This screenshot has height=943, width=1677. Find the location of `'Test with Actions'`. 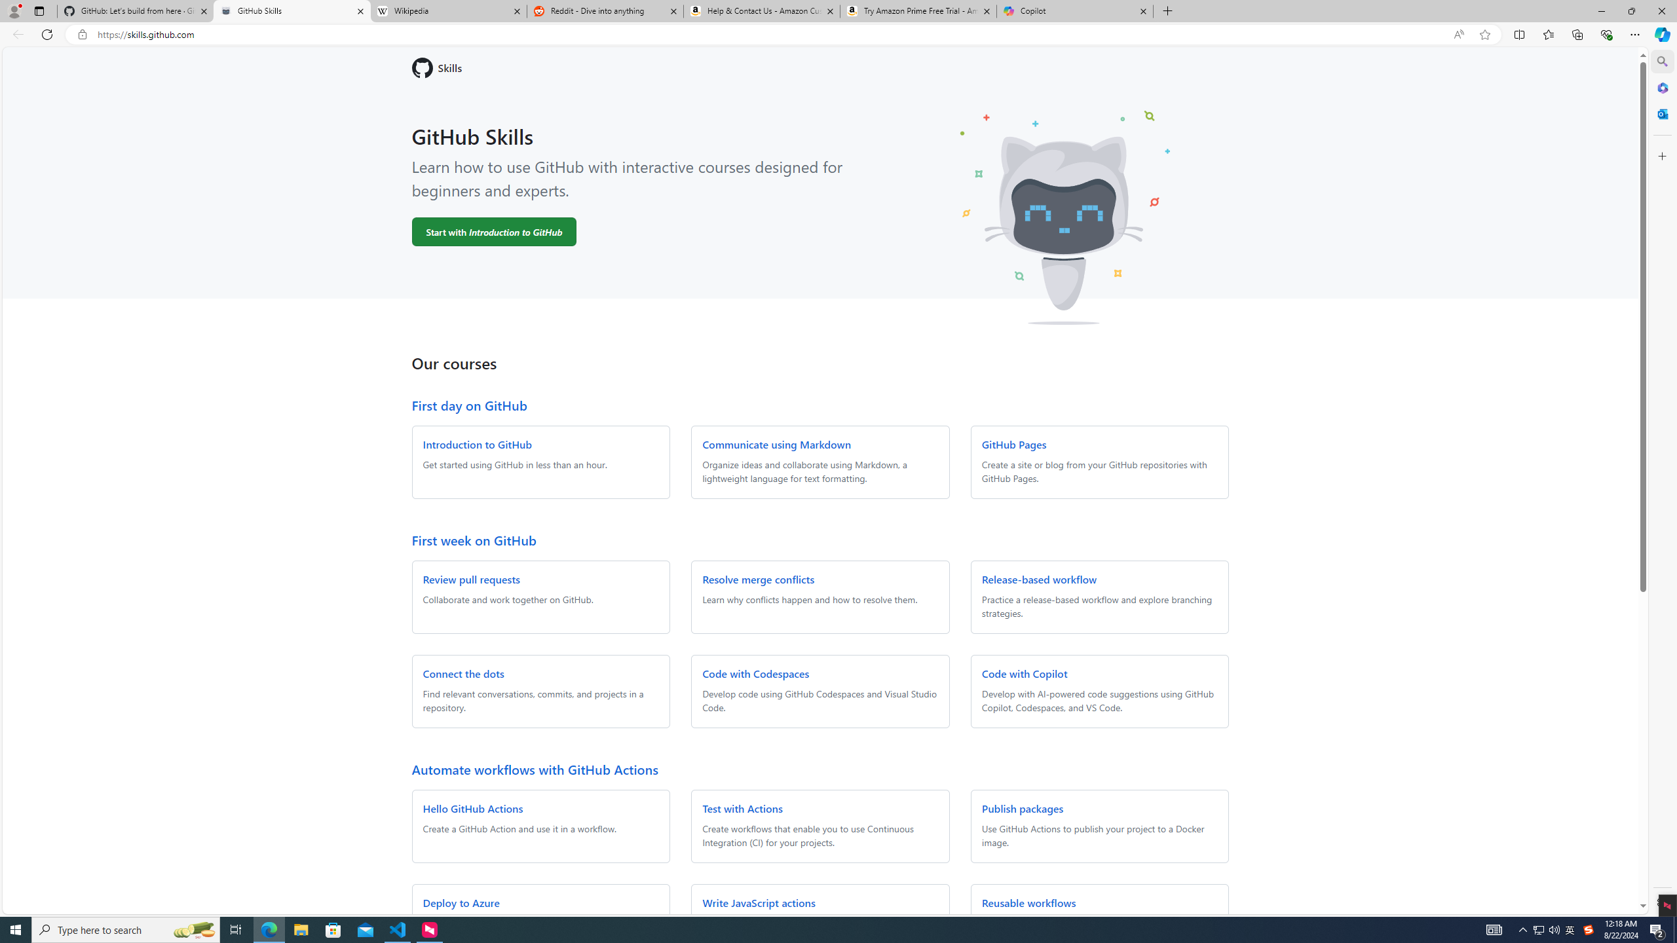

'Test with Actions' is located at coordinates (742, 807).